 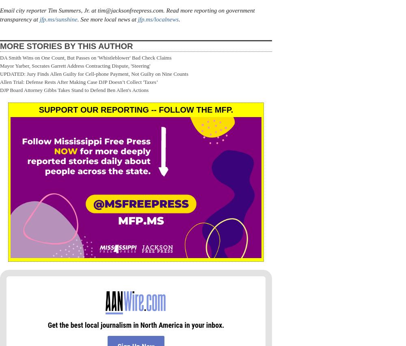 I want to click on 'jfp.ms/localnews', so click(x=158, y=19).